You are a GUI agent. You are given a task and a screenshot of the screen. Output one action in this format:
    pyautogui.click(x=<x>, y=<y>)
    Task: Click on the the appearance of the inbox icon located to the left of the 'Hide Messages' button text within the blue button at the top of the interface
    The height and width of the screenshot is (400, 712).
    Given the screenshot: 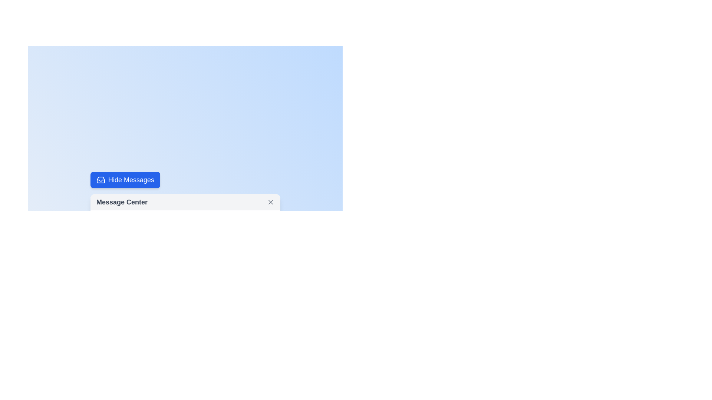 What is the action you would take?
    pyautogui.click(x=100, y=180)
    